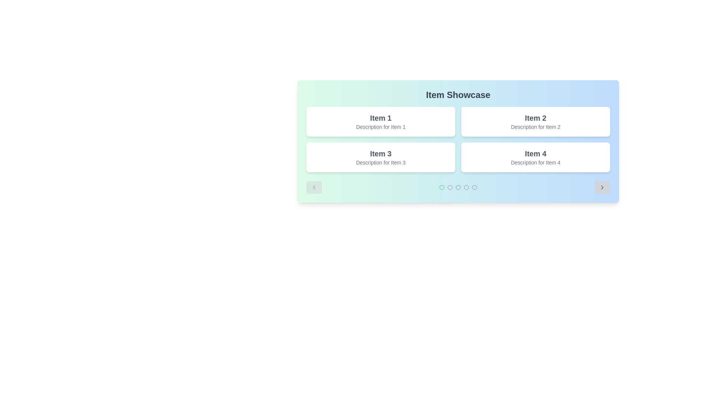 The width and height of the screenshot is (713, 401). What do you see at coordinates (442, 187) in the screenshot?
I see `the first circular Indicator dot with a green border and white interior` at bounding box center [442, 187].